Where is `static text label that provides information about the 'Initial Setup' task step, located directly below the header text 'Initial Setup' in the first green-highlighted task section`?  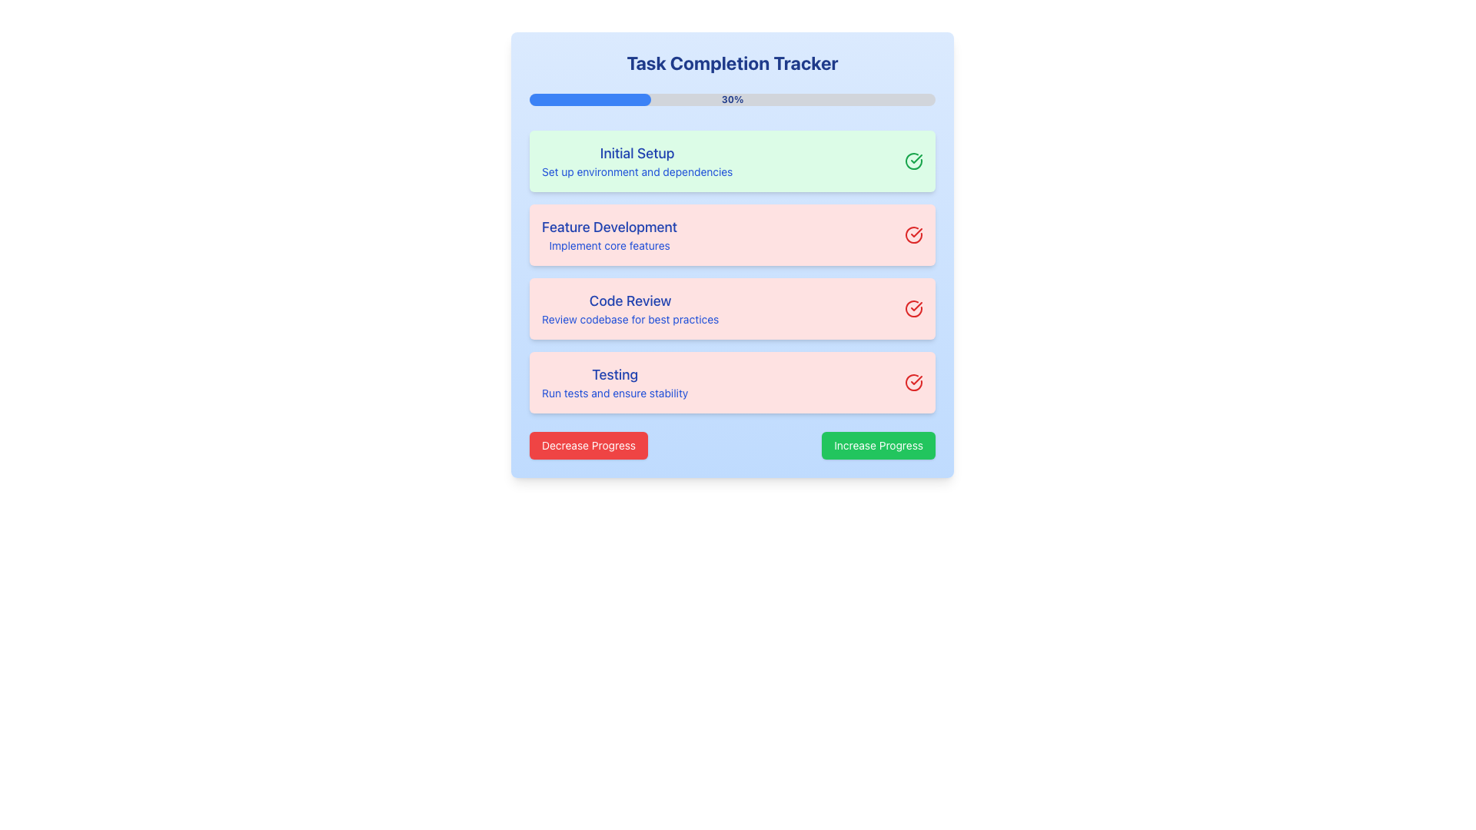
static text label that provides information about the 'Initial Setup' task step, located directly below the header text 'Initial Setup' in the first green-highlighted task section is located at coordinates (637, 171).